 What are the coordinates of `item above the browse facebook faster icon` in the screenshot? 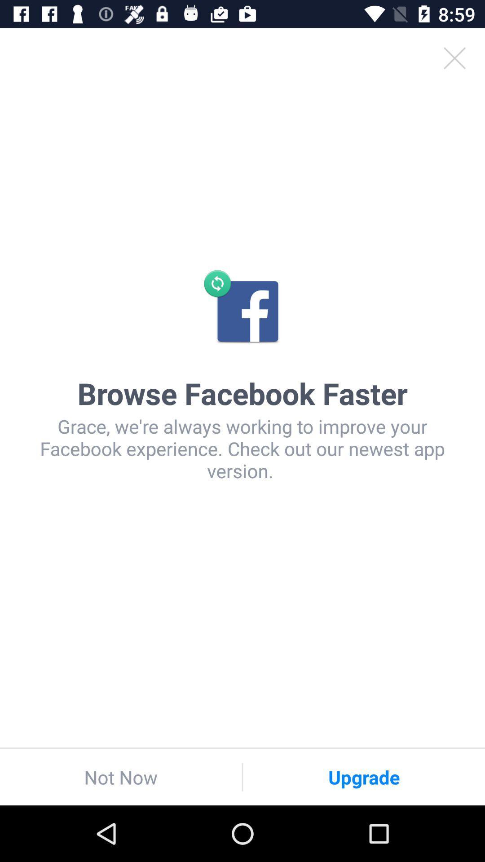 It's located at (454, 58).